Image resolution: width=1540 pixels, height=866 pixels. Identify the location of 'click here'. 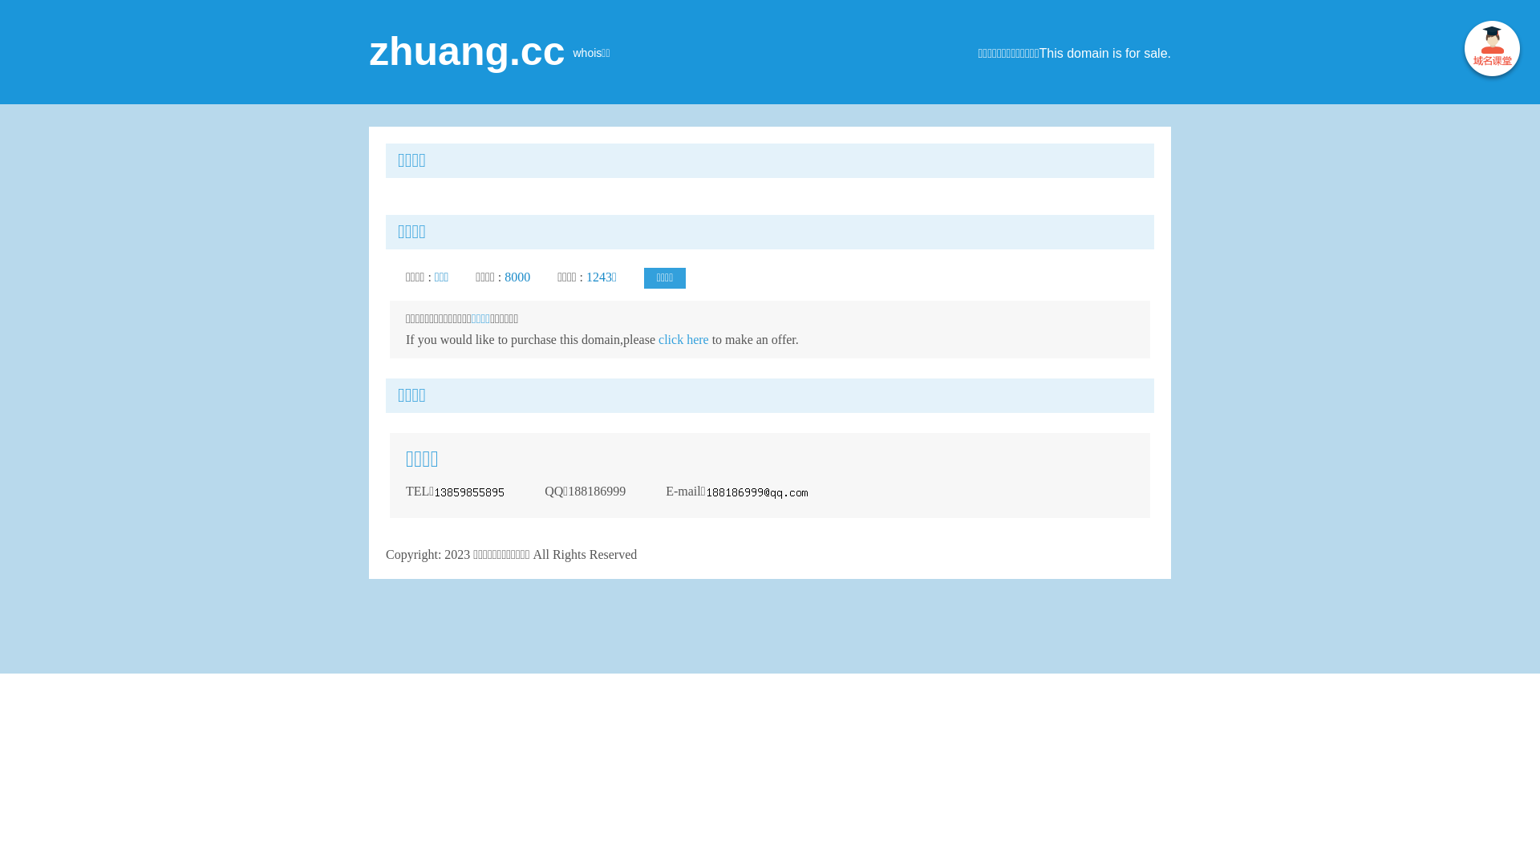
(683, 338).